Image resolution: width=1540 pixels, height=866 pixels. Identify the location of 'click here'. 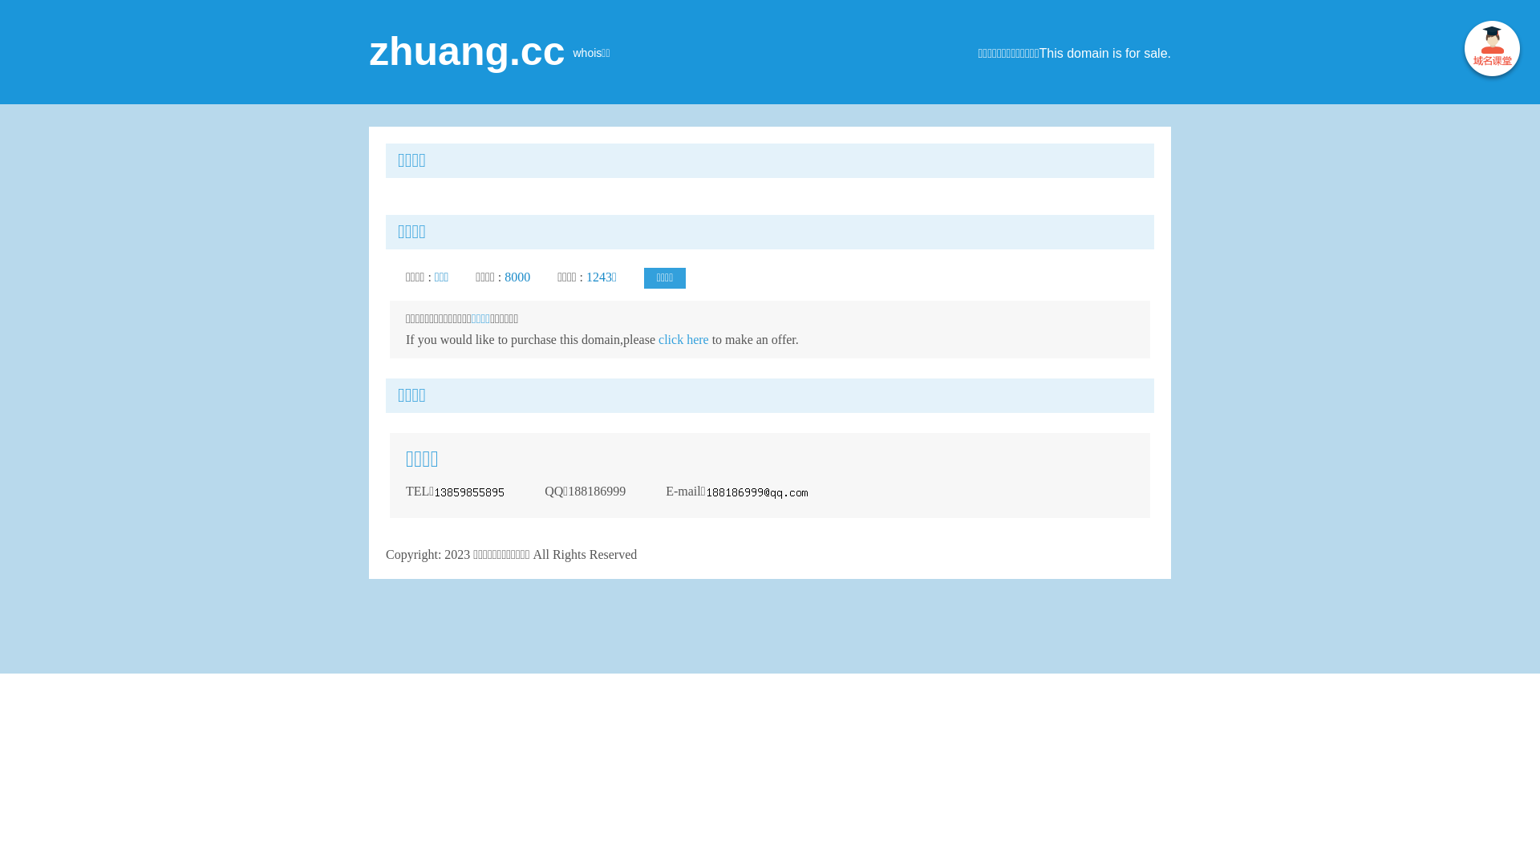
(683, 338).